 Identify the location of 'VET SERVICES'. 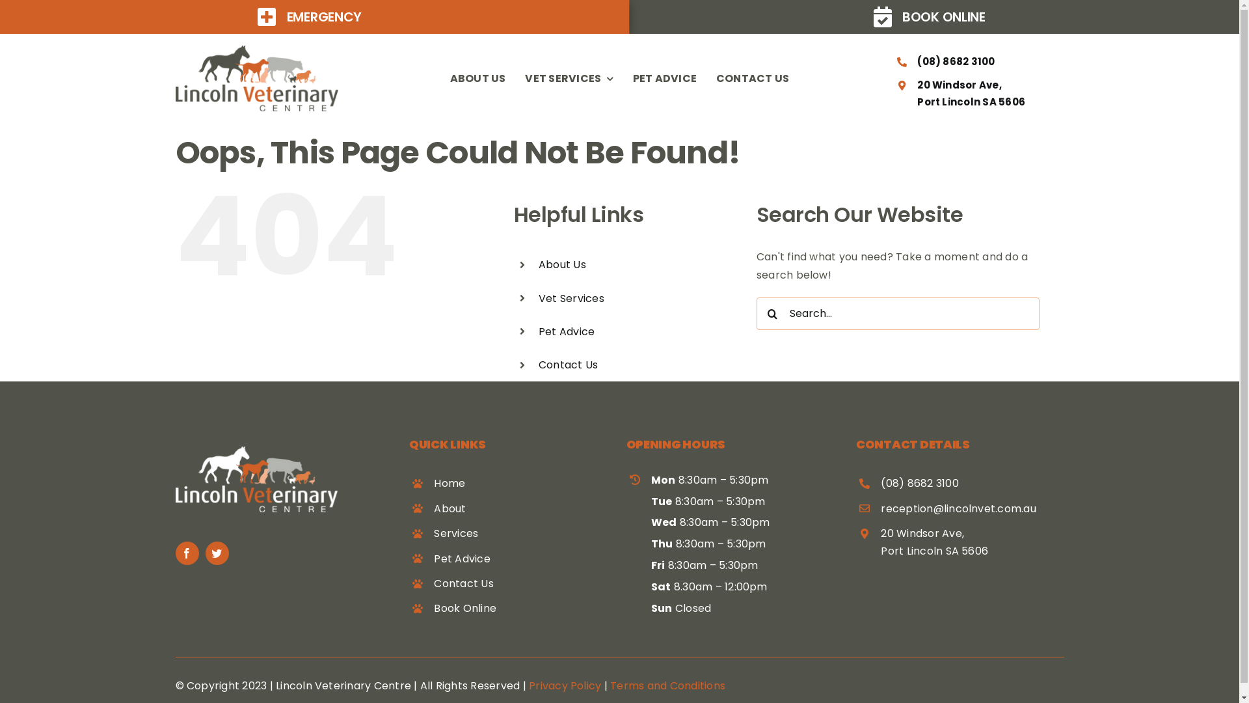
(524, 78).